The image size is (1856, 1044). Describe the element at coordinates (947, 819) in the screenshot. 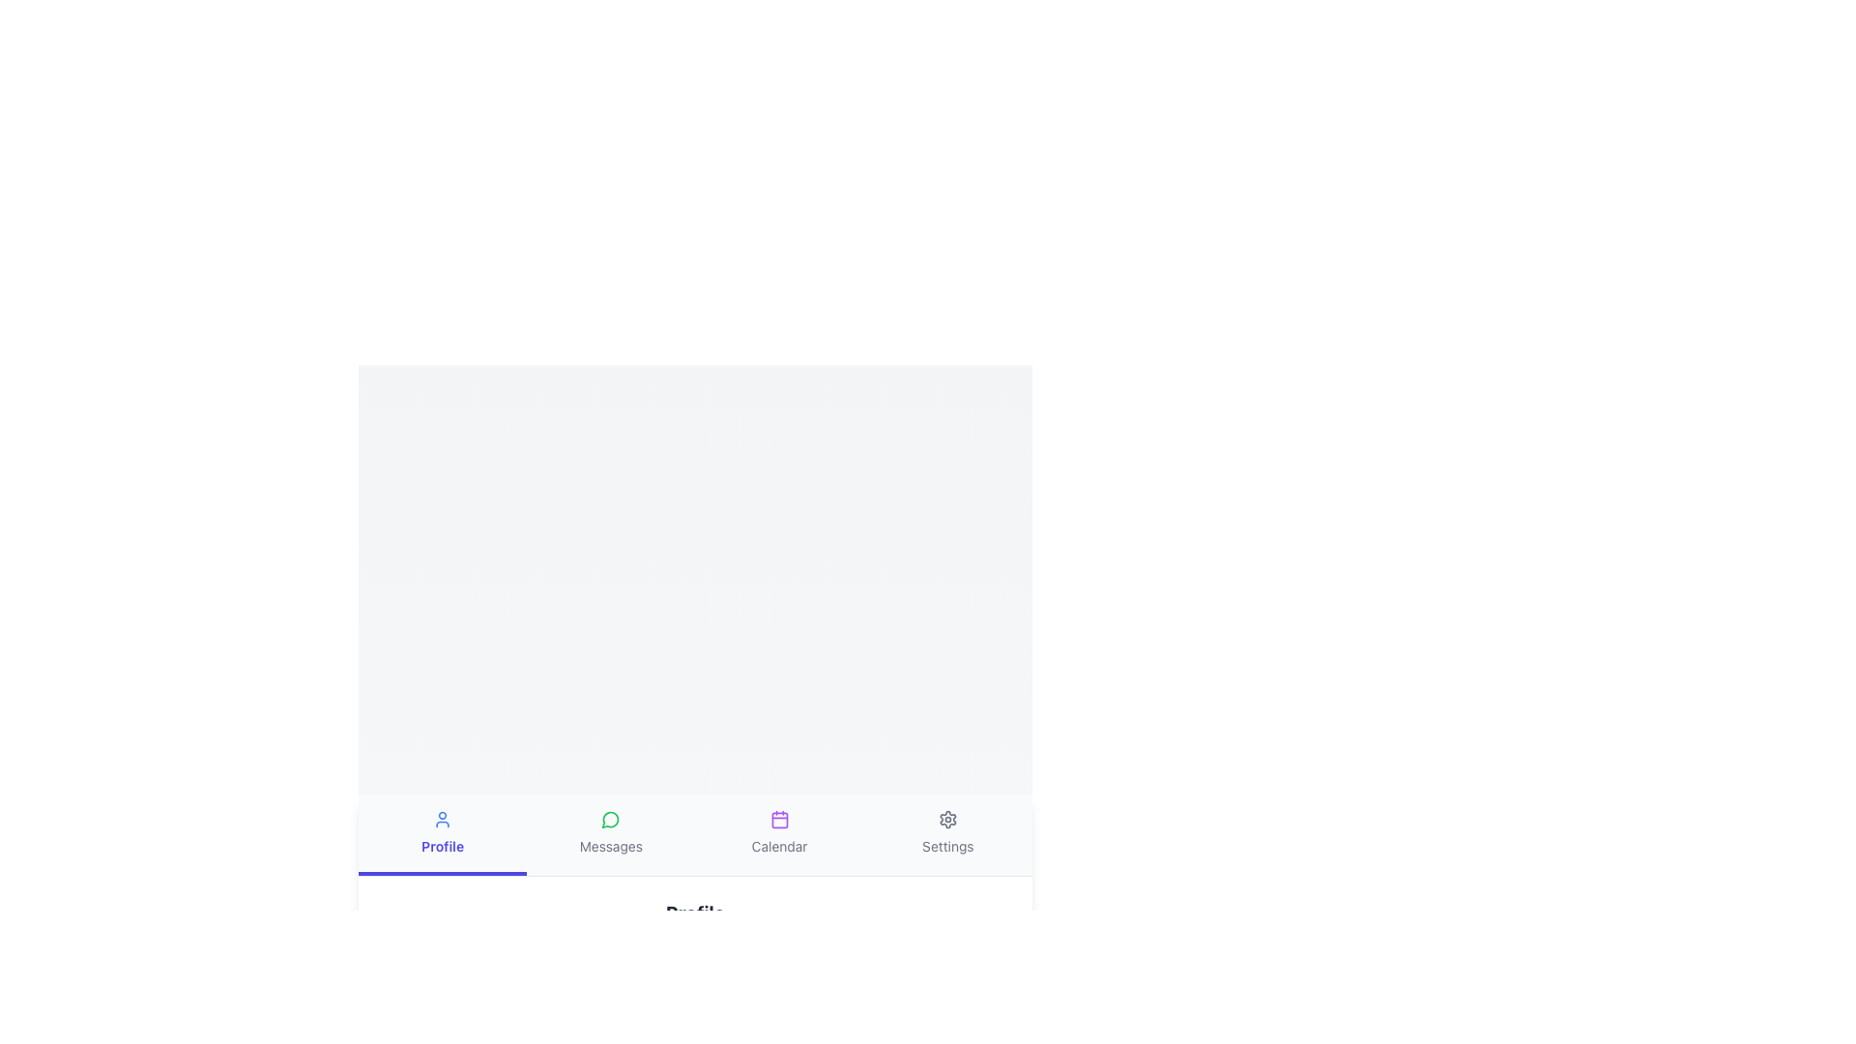

I see `the gear icon with a gray outline in the settings section of the bottom navigation bar` at that location.